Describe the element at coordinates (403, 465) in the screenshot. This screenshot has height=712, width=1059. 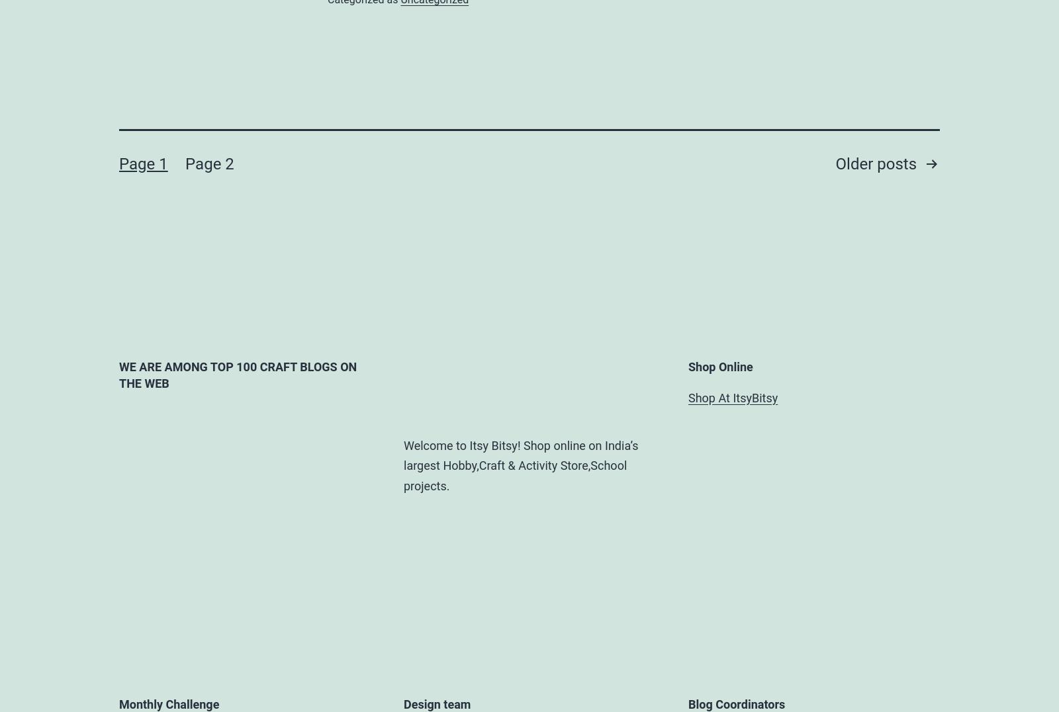
I see `'Welcome to Itsy Bitsy! Shop online on India’s largest Hobby,Craft & Activity Store,School projects.'` at that location.